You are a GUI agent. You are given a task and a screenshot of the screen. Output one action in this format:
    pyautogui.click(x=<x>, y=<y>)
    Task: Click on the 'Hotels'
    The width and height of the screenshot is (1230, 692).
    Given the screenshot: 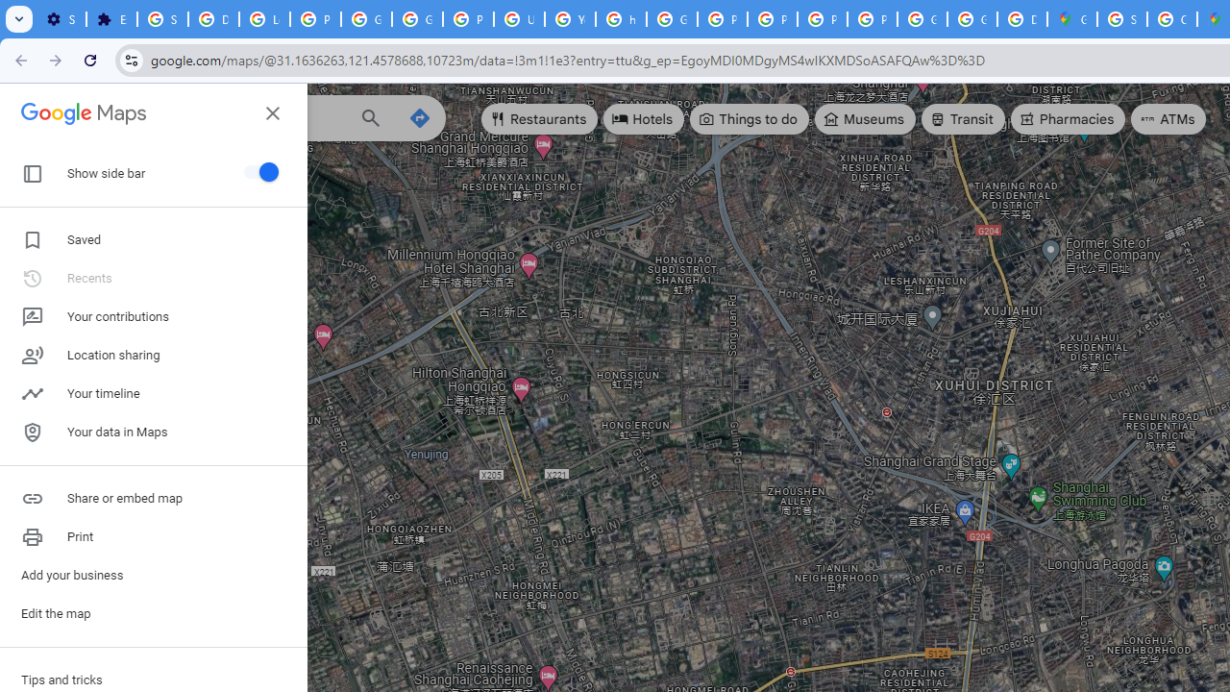 What is the action you would take?
    pyautogui.click(x=644, y=119)
    